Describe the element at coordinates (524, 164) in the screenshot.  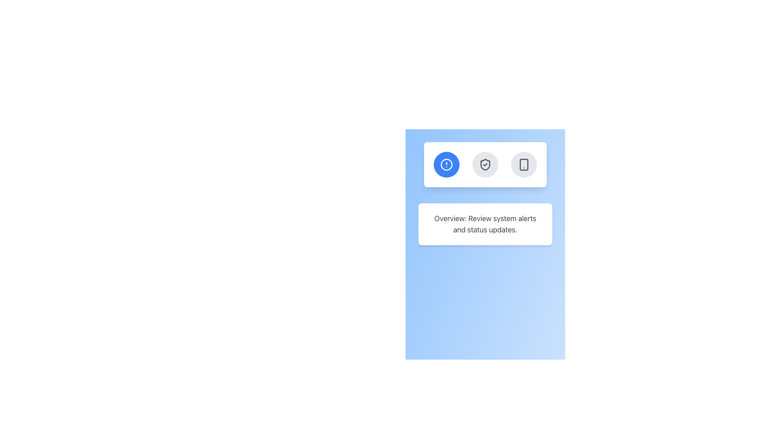
I see `the central rectangular component of the smartphone icon, which is styled without visible borders and fits inside a larger layout, located on the rightmost group of three circular icon buttons` at that location.